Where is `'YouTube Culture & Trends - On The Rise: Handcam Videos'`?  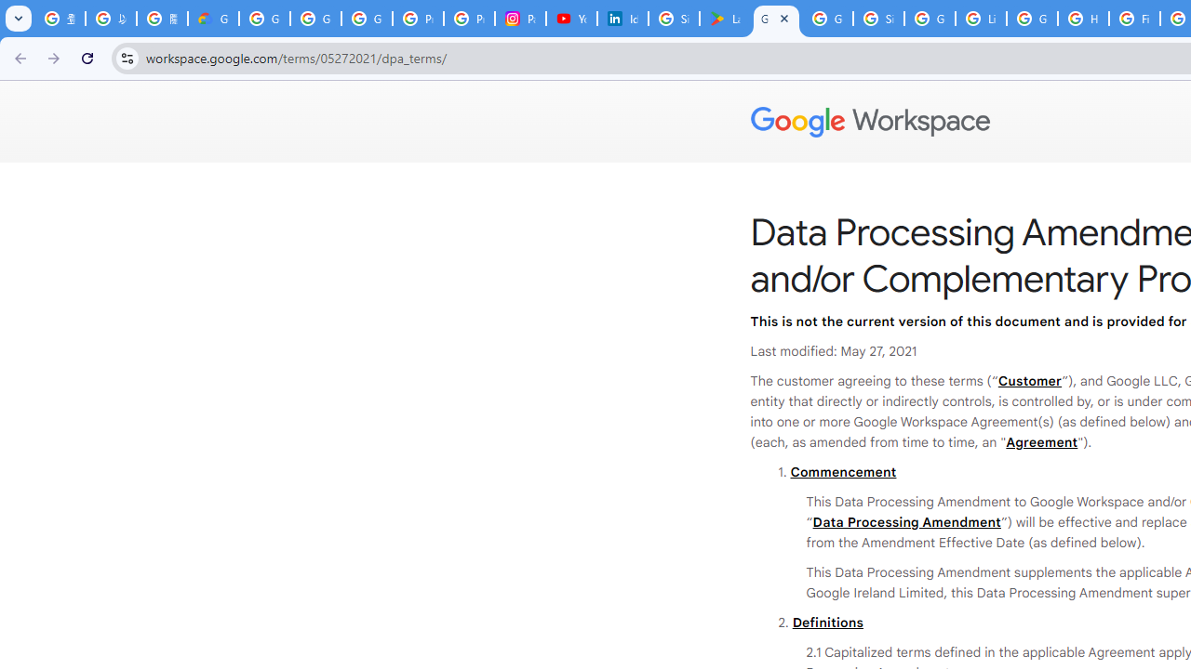 'YouTube Culture & Trends - On The Rise: Handcam Videos' is located at coordinates (571, 19).